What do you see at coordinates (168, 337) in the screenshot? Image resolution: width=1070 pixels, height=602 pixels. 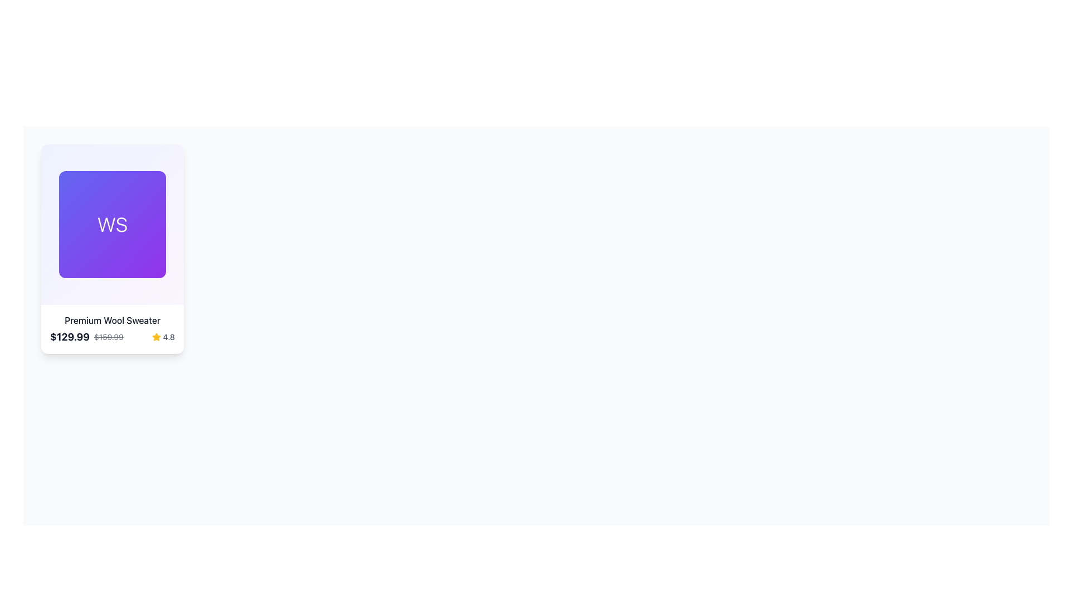 I see `the numerical text label '4.8' which is styled in gray and located at the bottom right corner of a card interface, adjacent to a golden star icon` at bounding box center [168, 337].